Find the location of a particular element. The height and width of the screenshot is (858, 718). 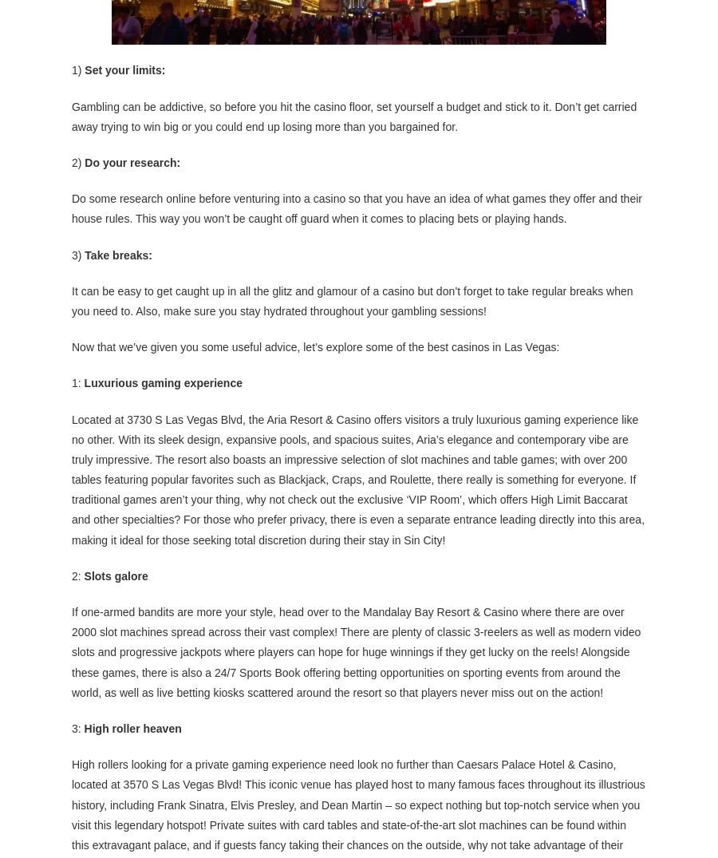

'1)' is located at coordinates (77, 69).